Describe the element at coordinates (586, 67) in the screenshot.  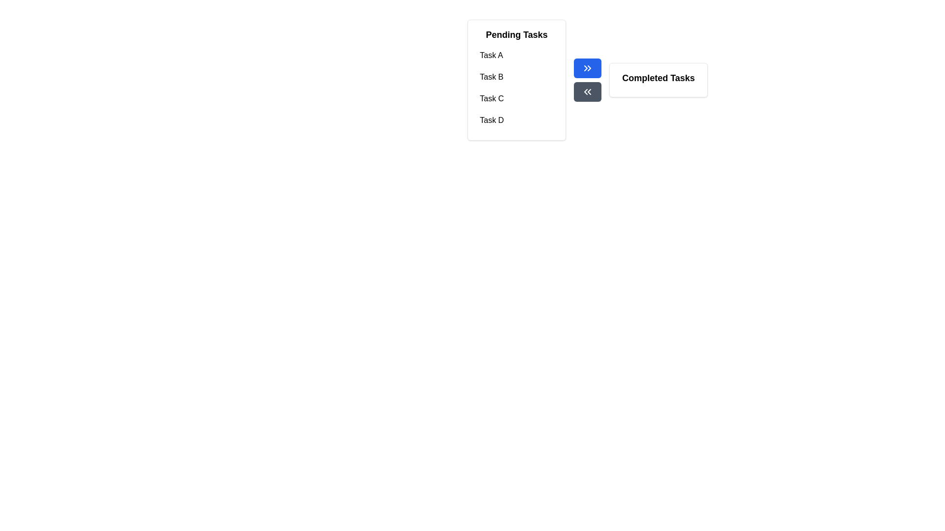
I see `the upper arrow in the rightward navigation chevron SVG, which indicates movement towards the 'Completed Tasks' section` at that location.